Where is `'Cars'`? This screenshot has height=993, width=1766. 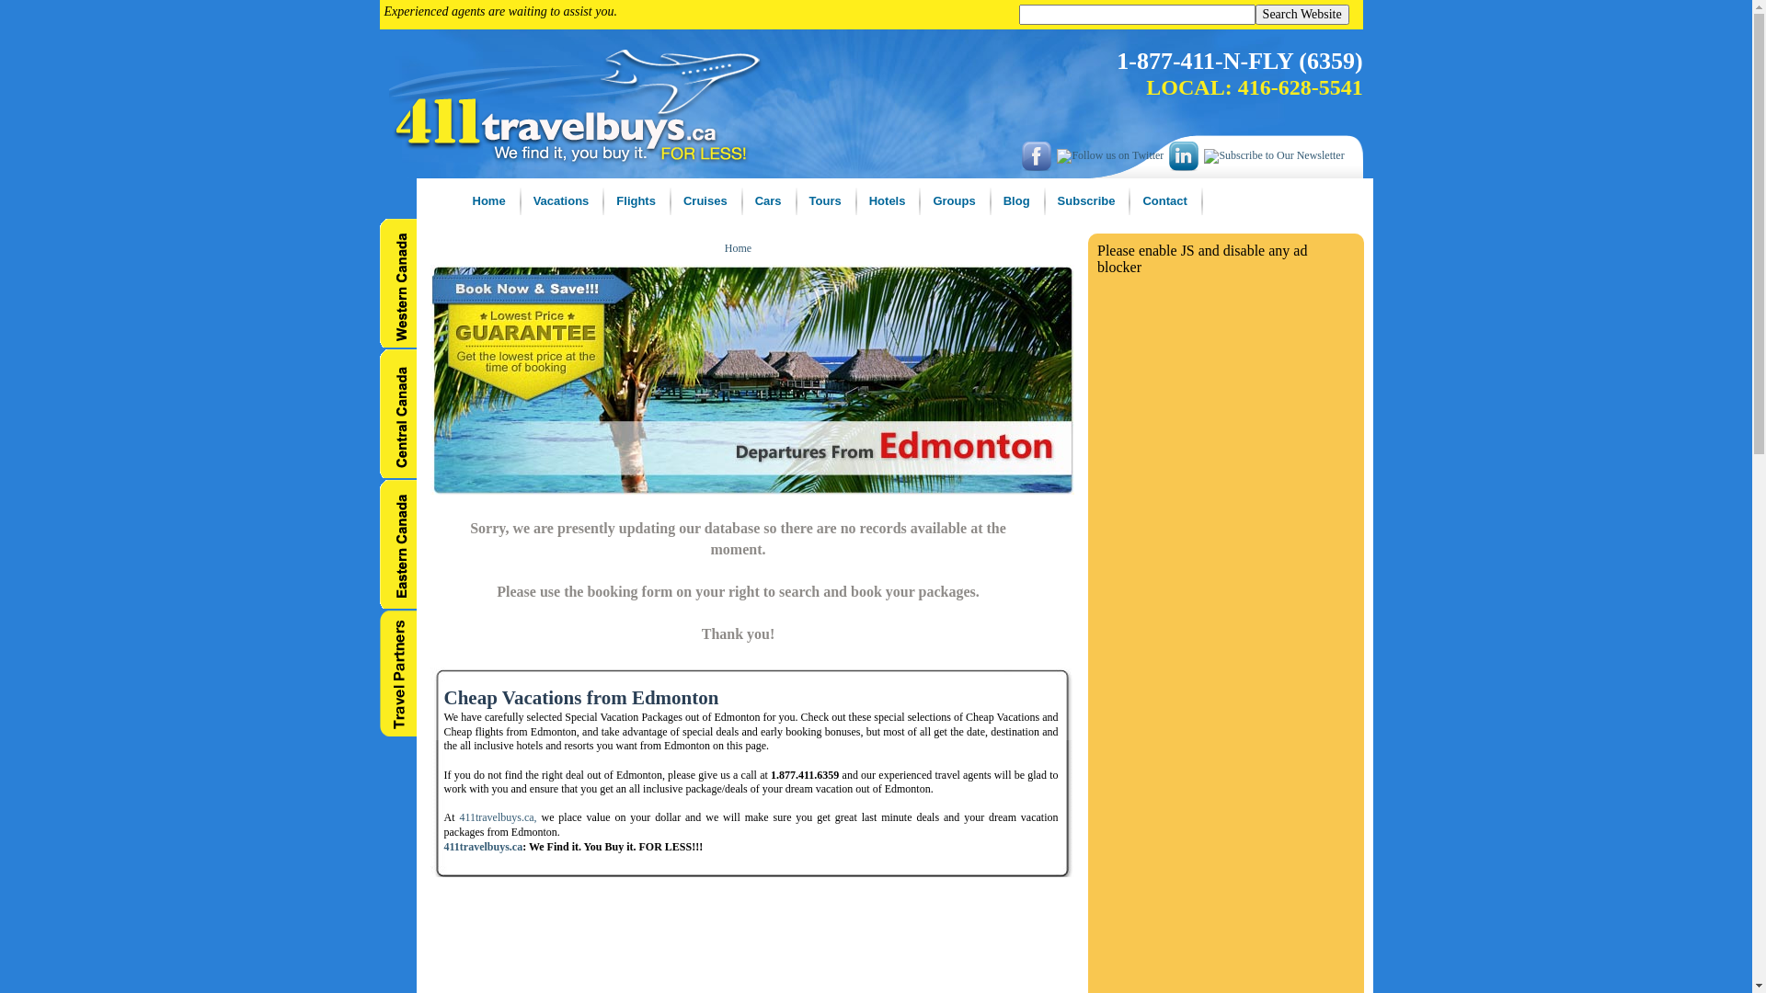 'Cars' is located at coordinates (769, 201).